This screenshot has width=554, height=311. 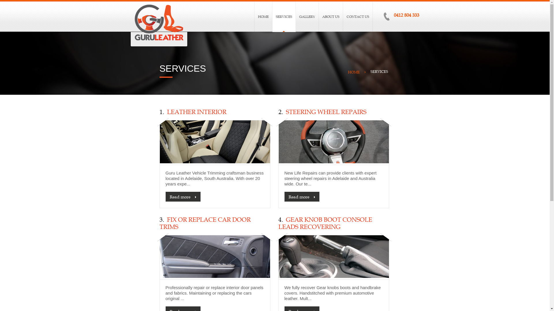 I want to click on 'Read more', so click(x=183, y=196).